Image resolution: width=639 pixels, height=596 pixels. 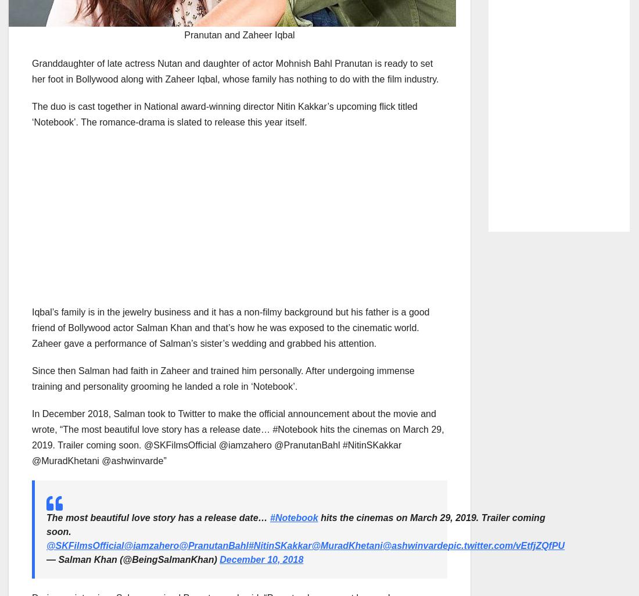 I want to click on 'The most beautiful love story has a release date…', so click(x=46, y=516).